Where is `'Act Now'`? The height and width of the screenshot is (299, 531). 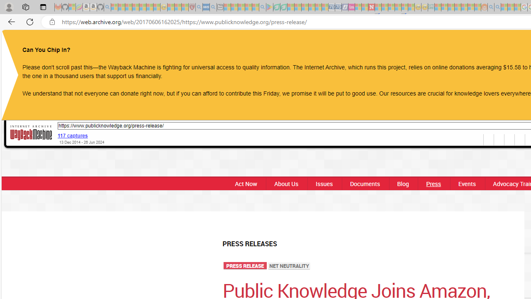 'Act Now' is located at coordinates (243, 183).